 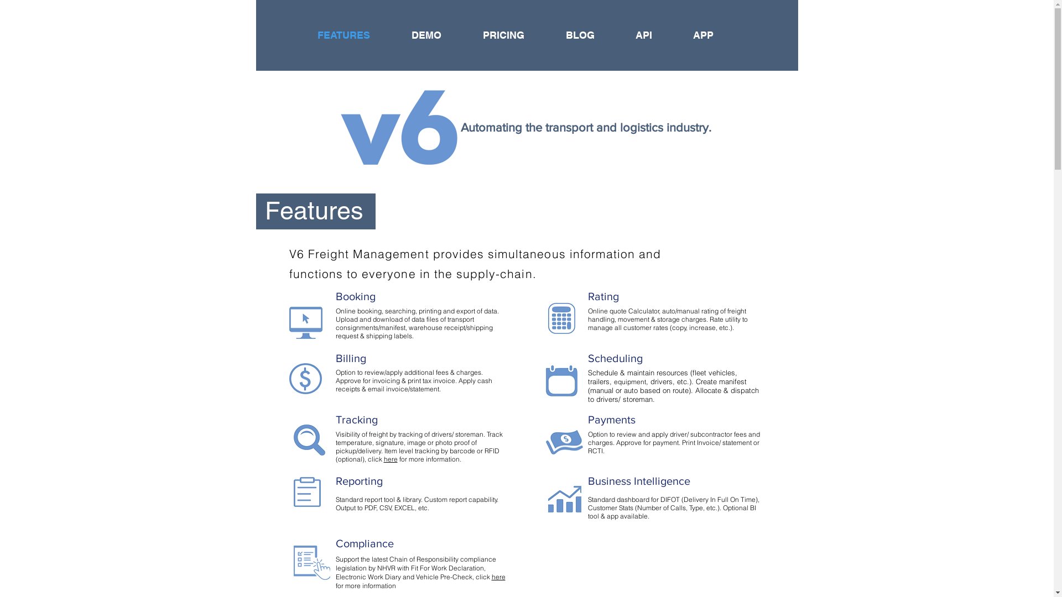 I want to click on 'FEATURES', so click(x=356, y=35).